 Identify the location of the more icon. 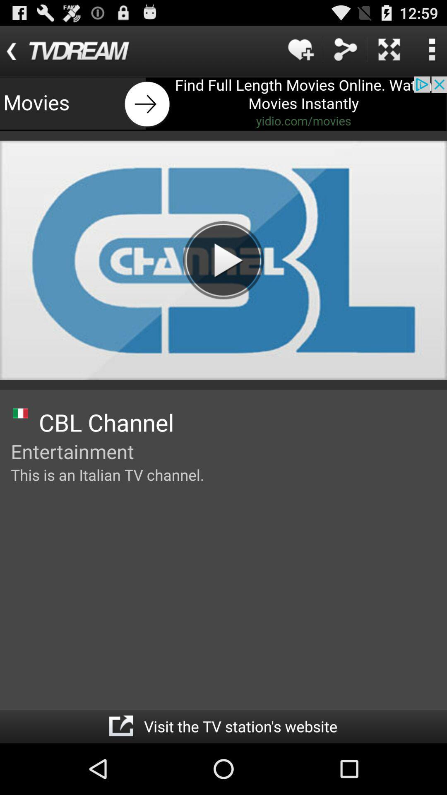
(431, 53).